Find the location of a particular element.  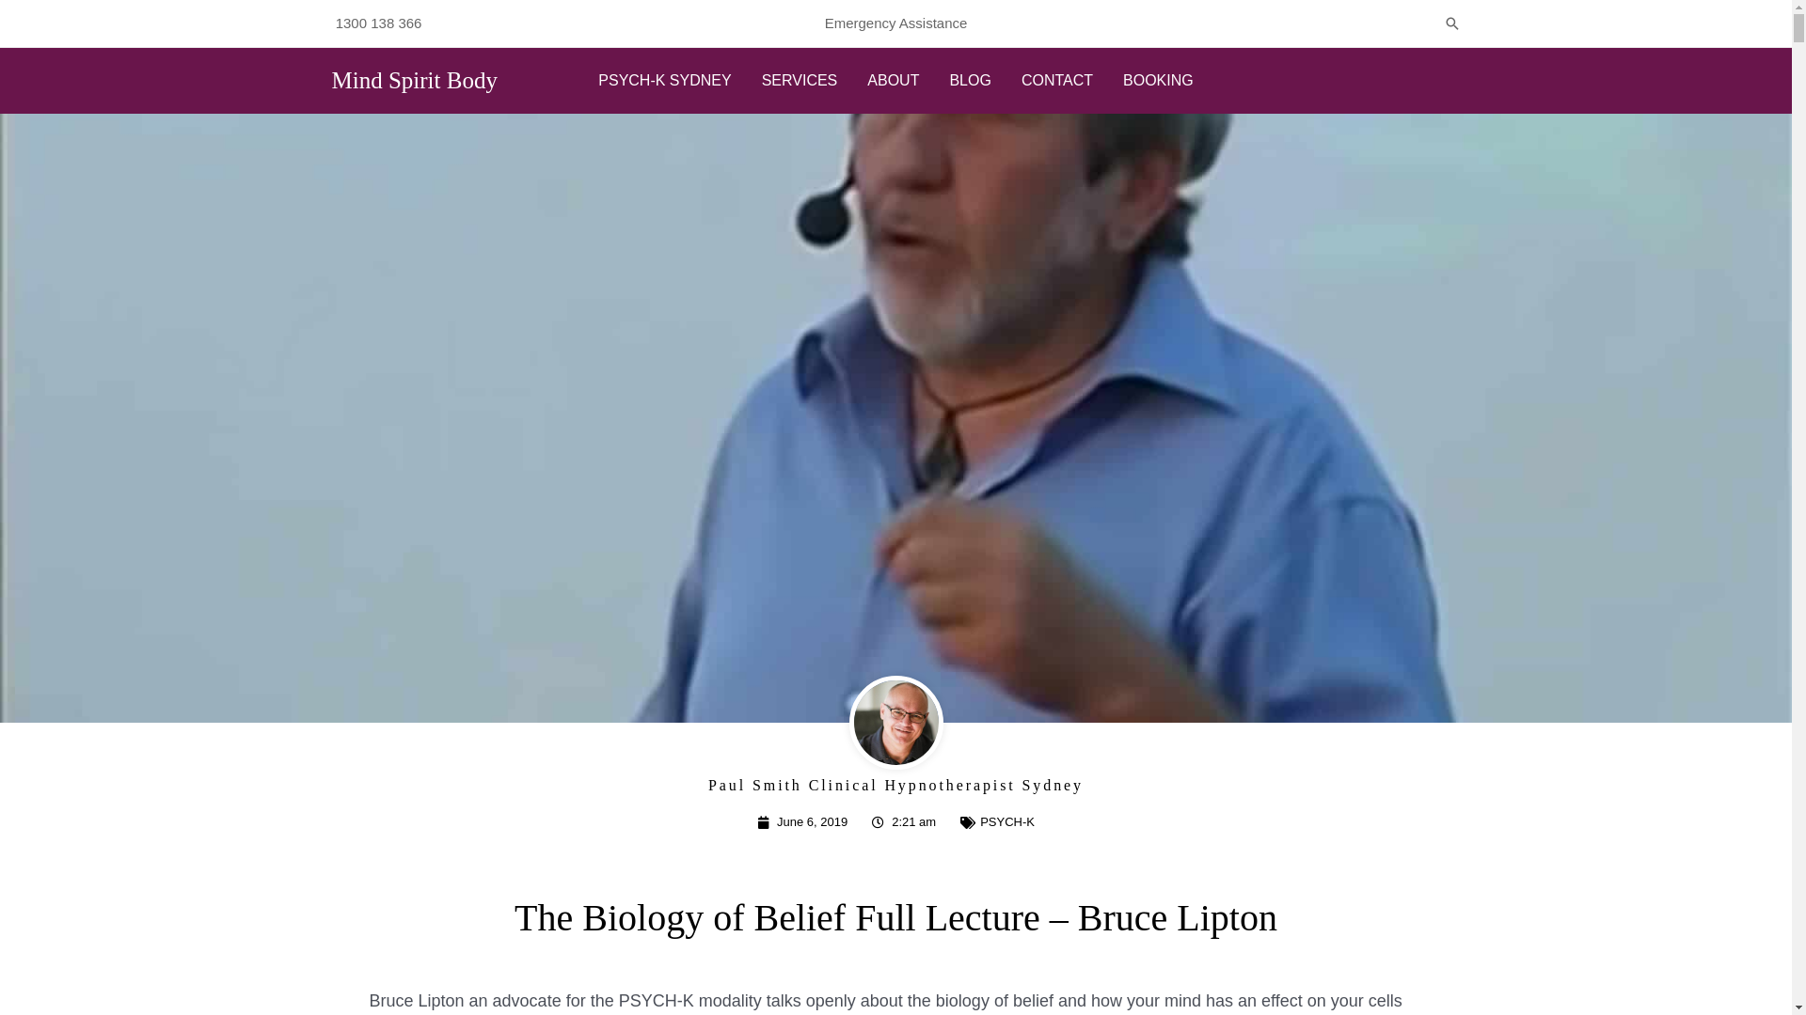

'June 6, 2019' is located at coordinates (802, 821).